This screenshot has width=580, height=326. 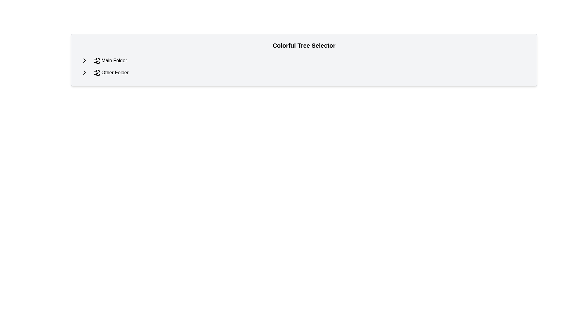 I want to click on the icon that visually represents the folder tree entry preceding the text label 'Main Folder', located in the first list entry of a vertical list, so click(x=97, y=60).